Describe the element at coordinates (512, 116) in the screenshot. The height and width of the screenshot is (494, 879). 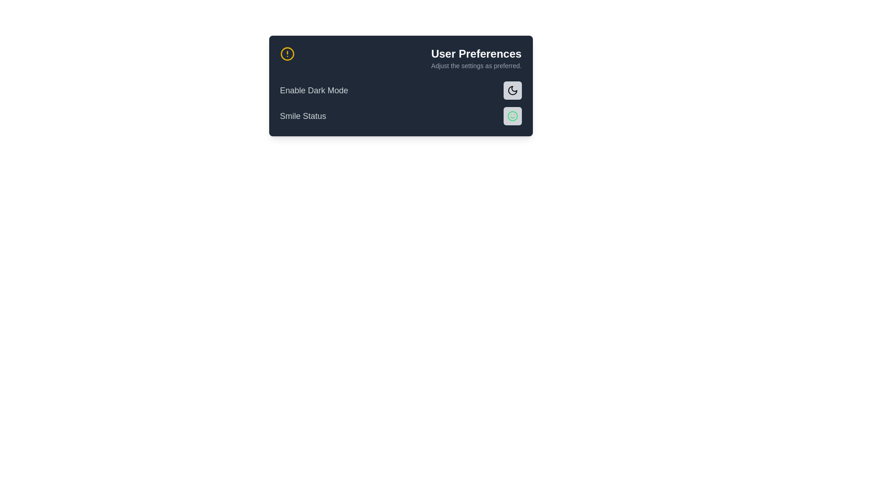
I see `the circular interactive button with a green outlined smiley face icon in the 'Smile Status' section` at that location.